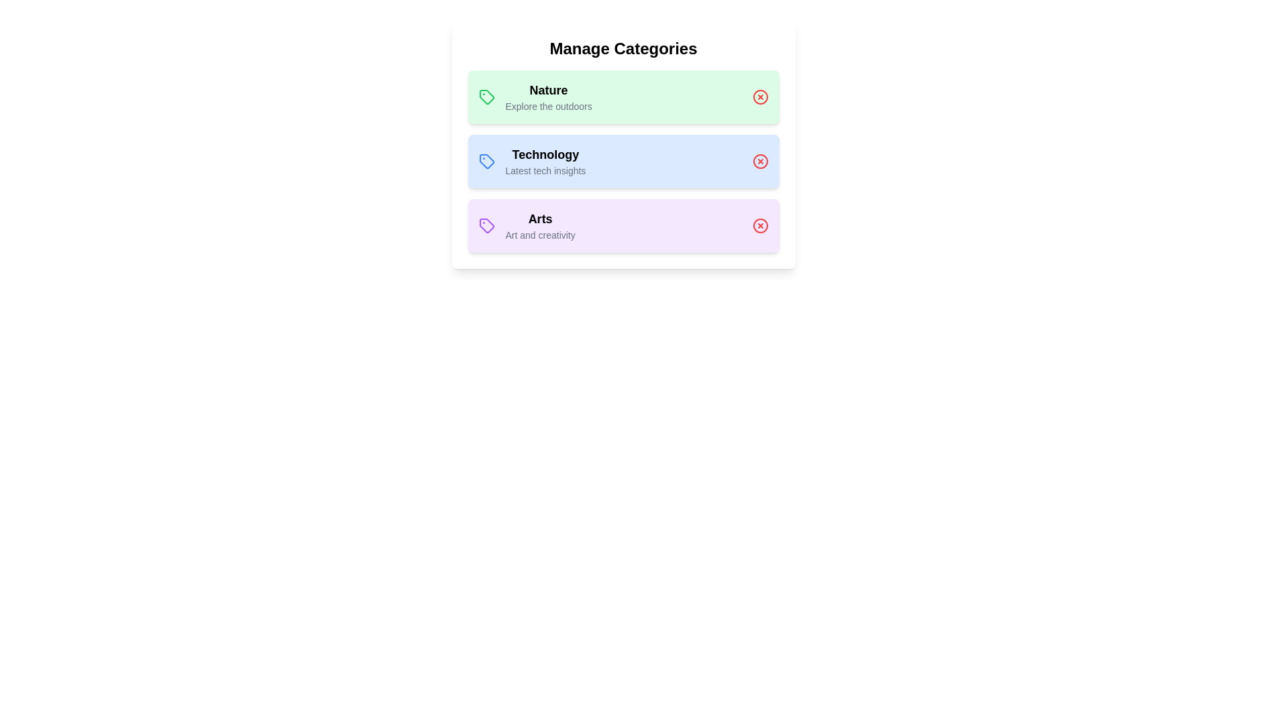  I want to click on the category Arts to see its tooltip or effect, so click(623, 225).